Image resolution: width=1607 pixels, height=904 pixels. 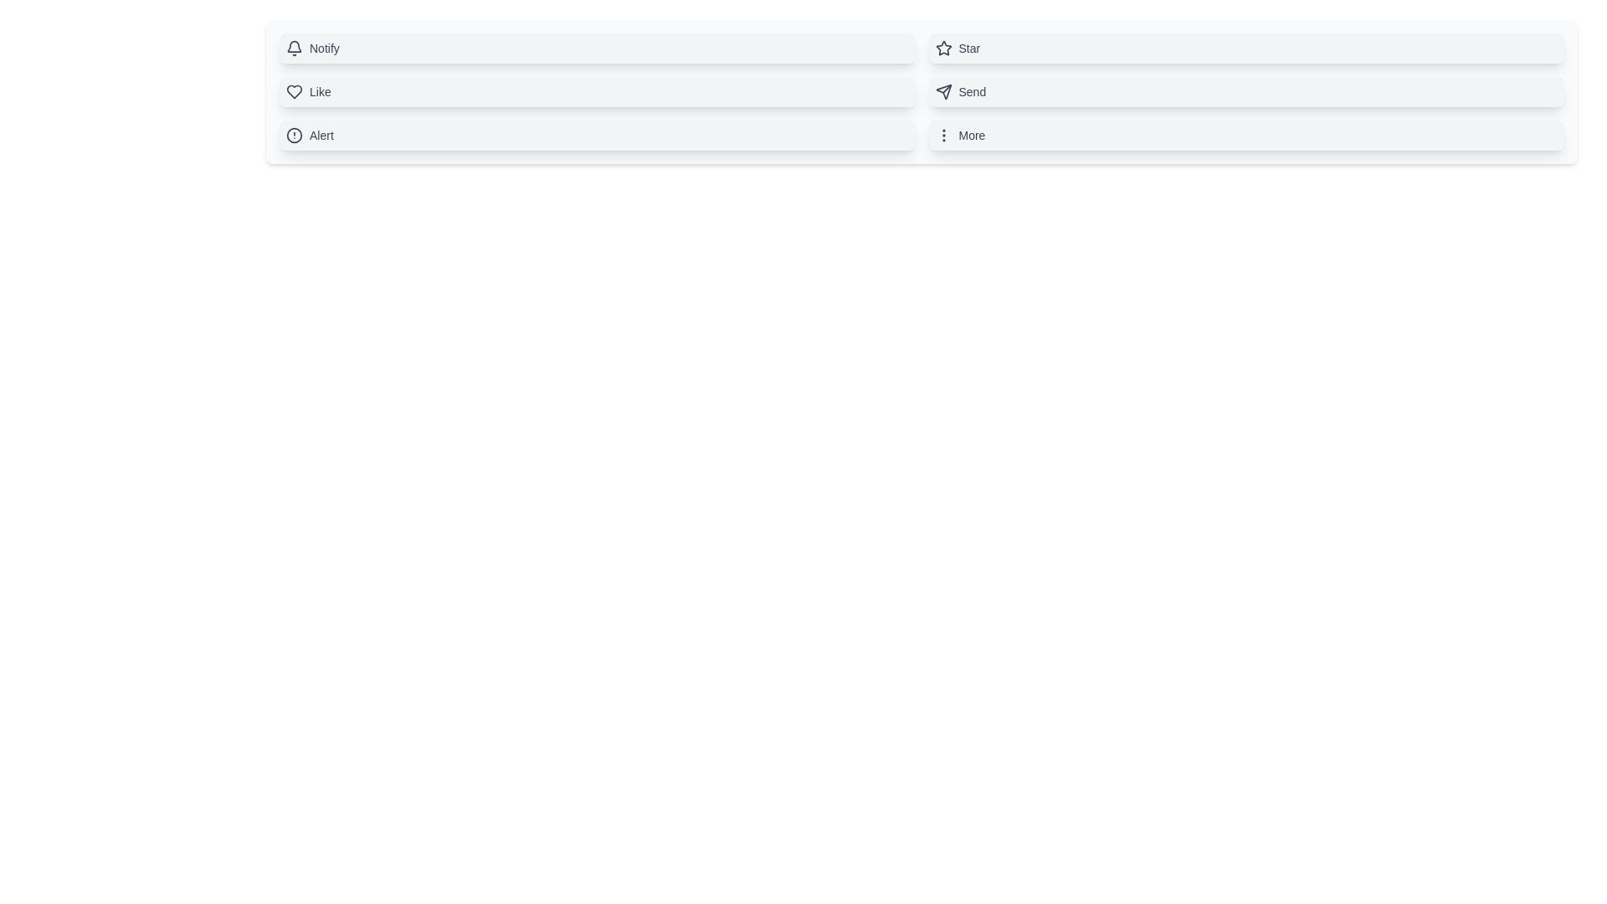 I want to click on the label that visually identifies the corresponding button, located slightly to the right of its sibling elements within a rounded rectangular button group aligned horizontally with the 'Send' icon, so click(x=972, y=92).